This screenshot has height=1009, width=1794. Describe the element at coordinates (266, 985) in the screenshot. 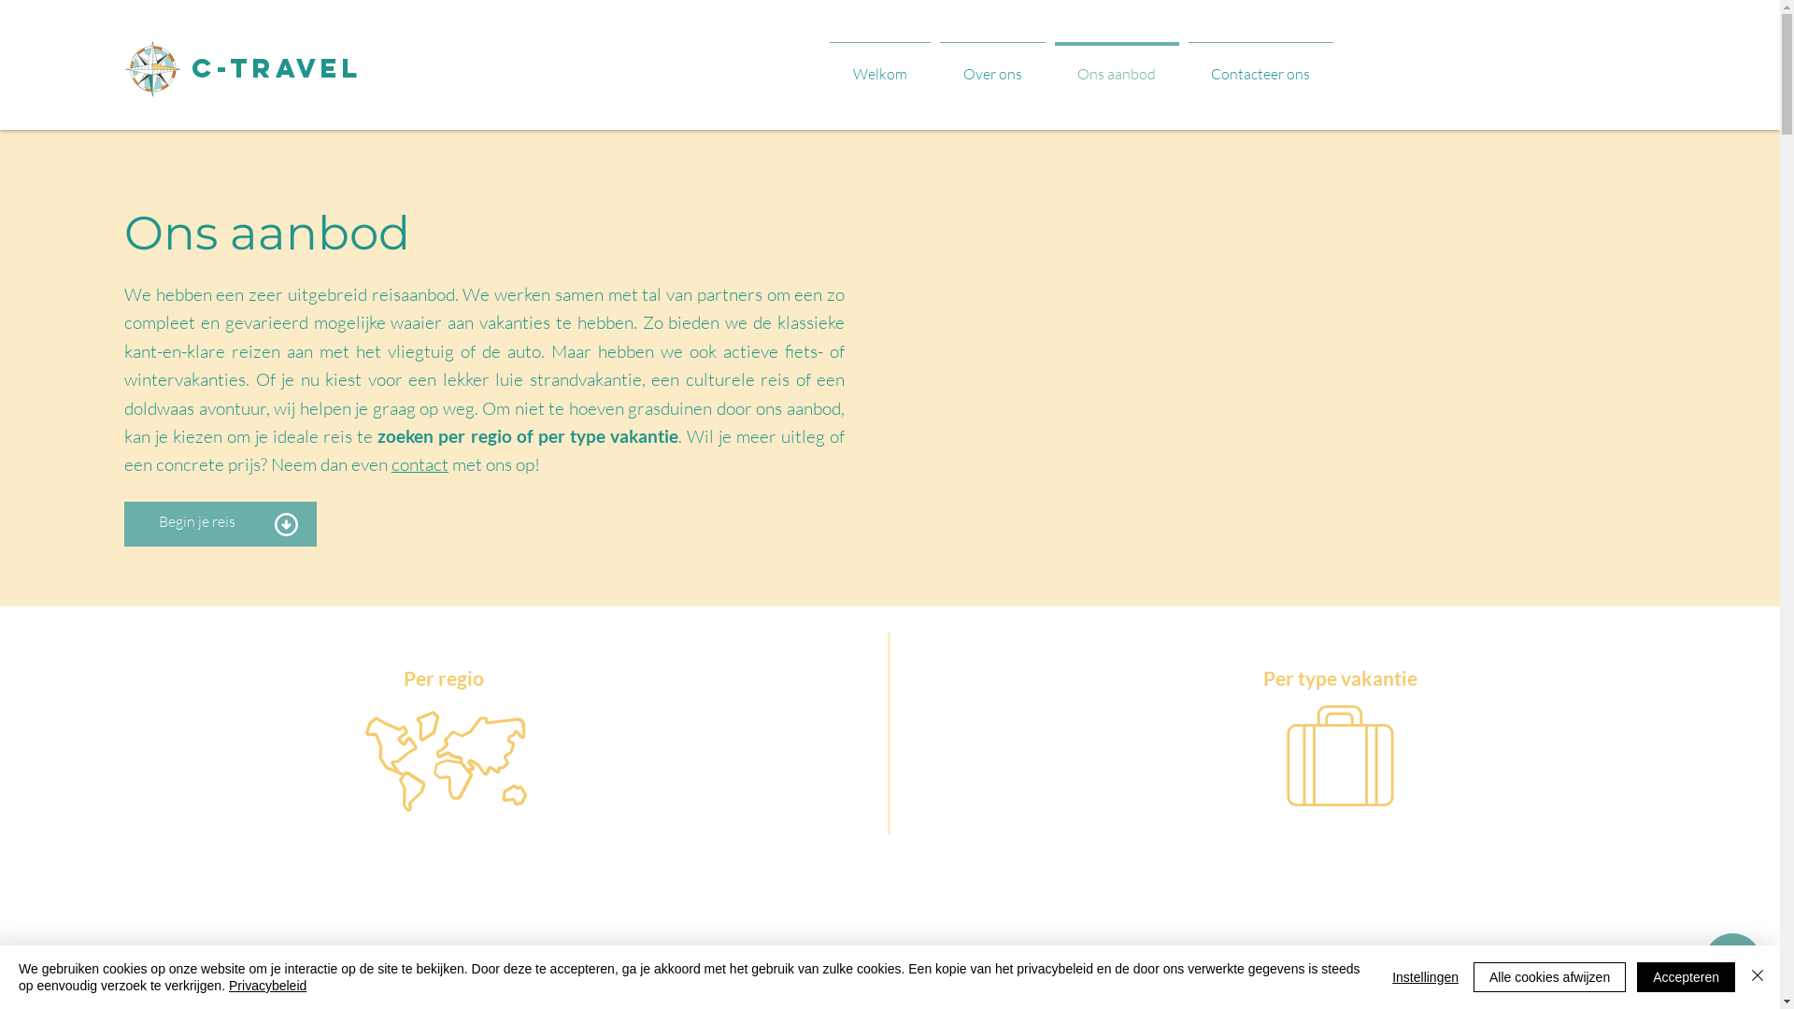

I see `'Privacybeleid'` at that location.